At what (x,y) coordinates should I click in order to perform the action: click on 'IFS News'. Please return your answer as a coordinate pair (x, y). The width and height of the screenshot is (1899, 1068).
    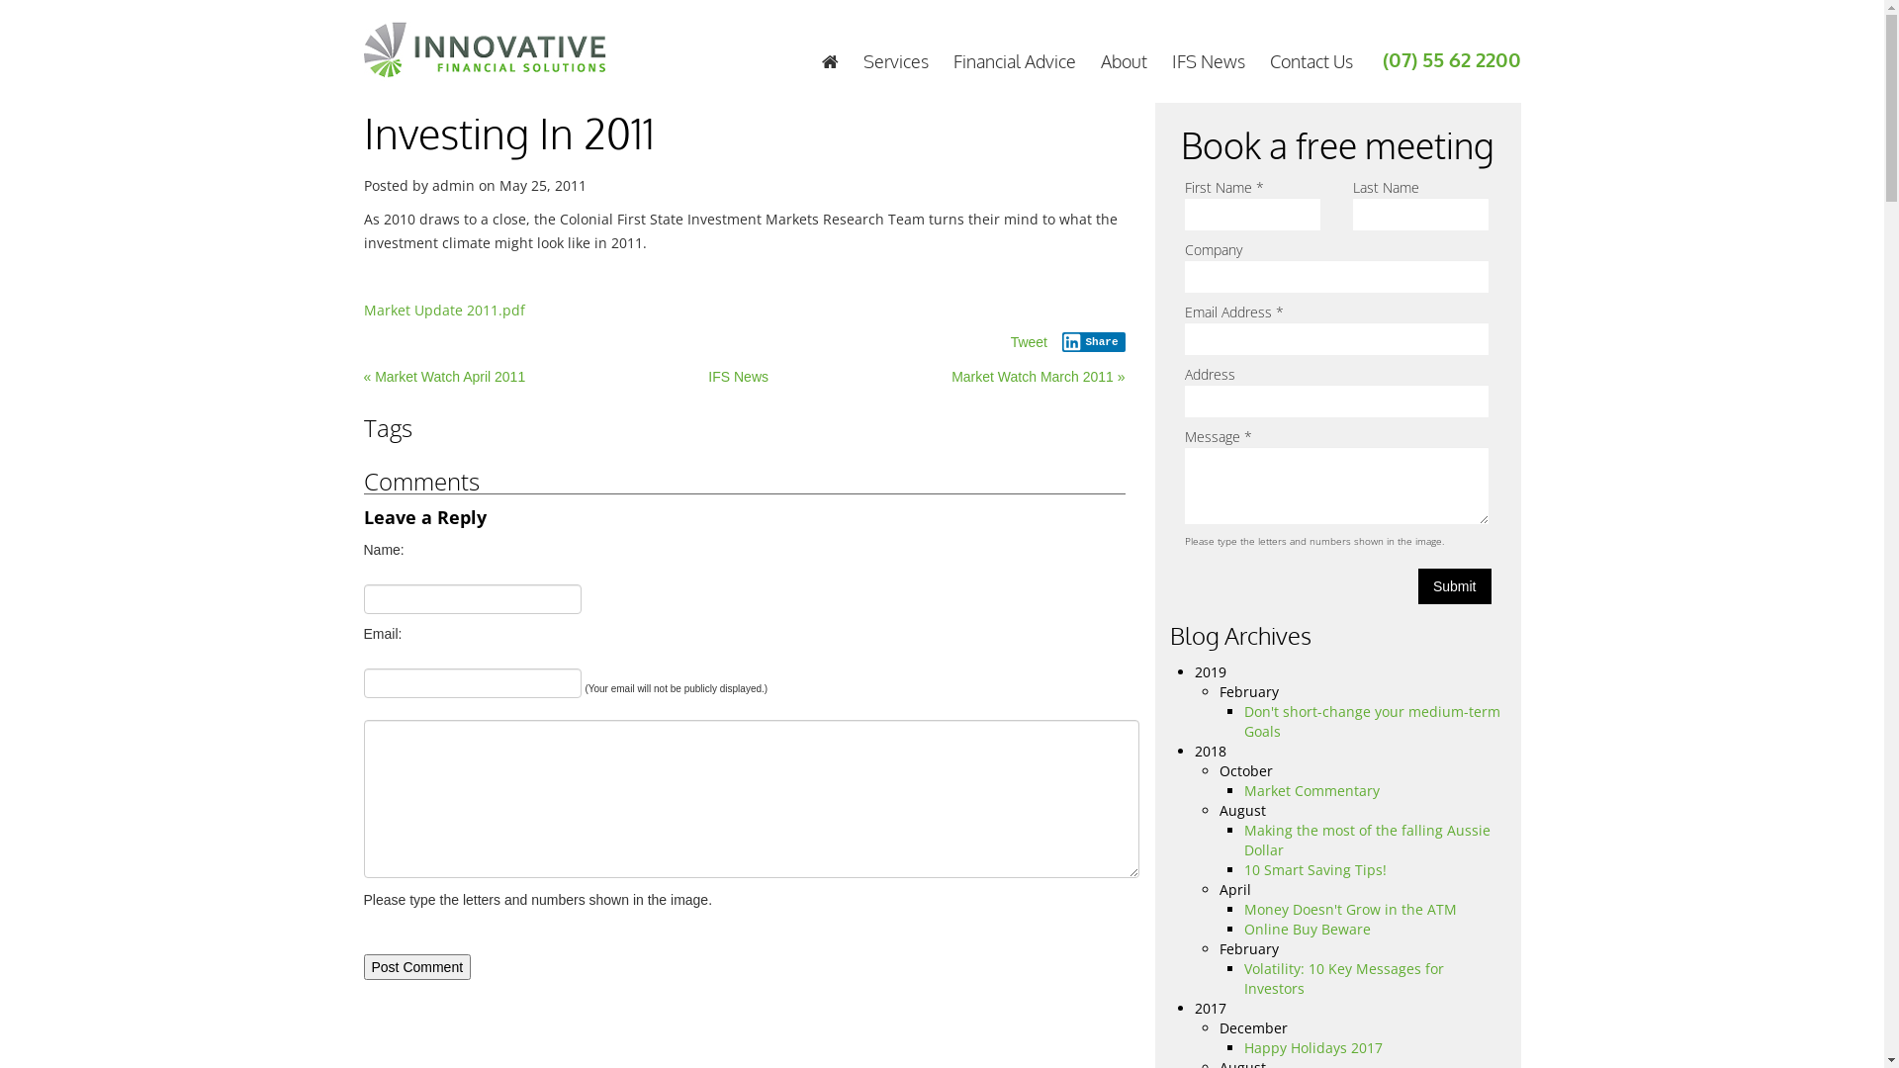
    Looking at the image, I should click on (737, 377).